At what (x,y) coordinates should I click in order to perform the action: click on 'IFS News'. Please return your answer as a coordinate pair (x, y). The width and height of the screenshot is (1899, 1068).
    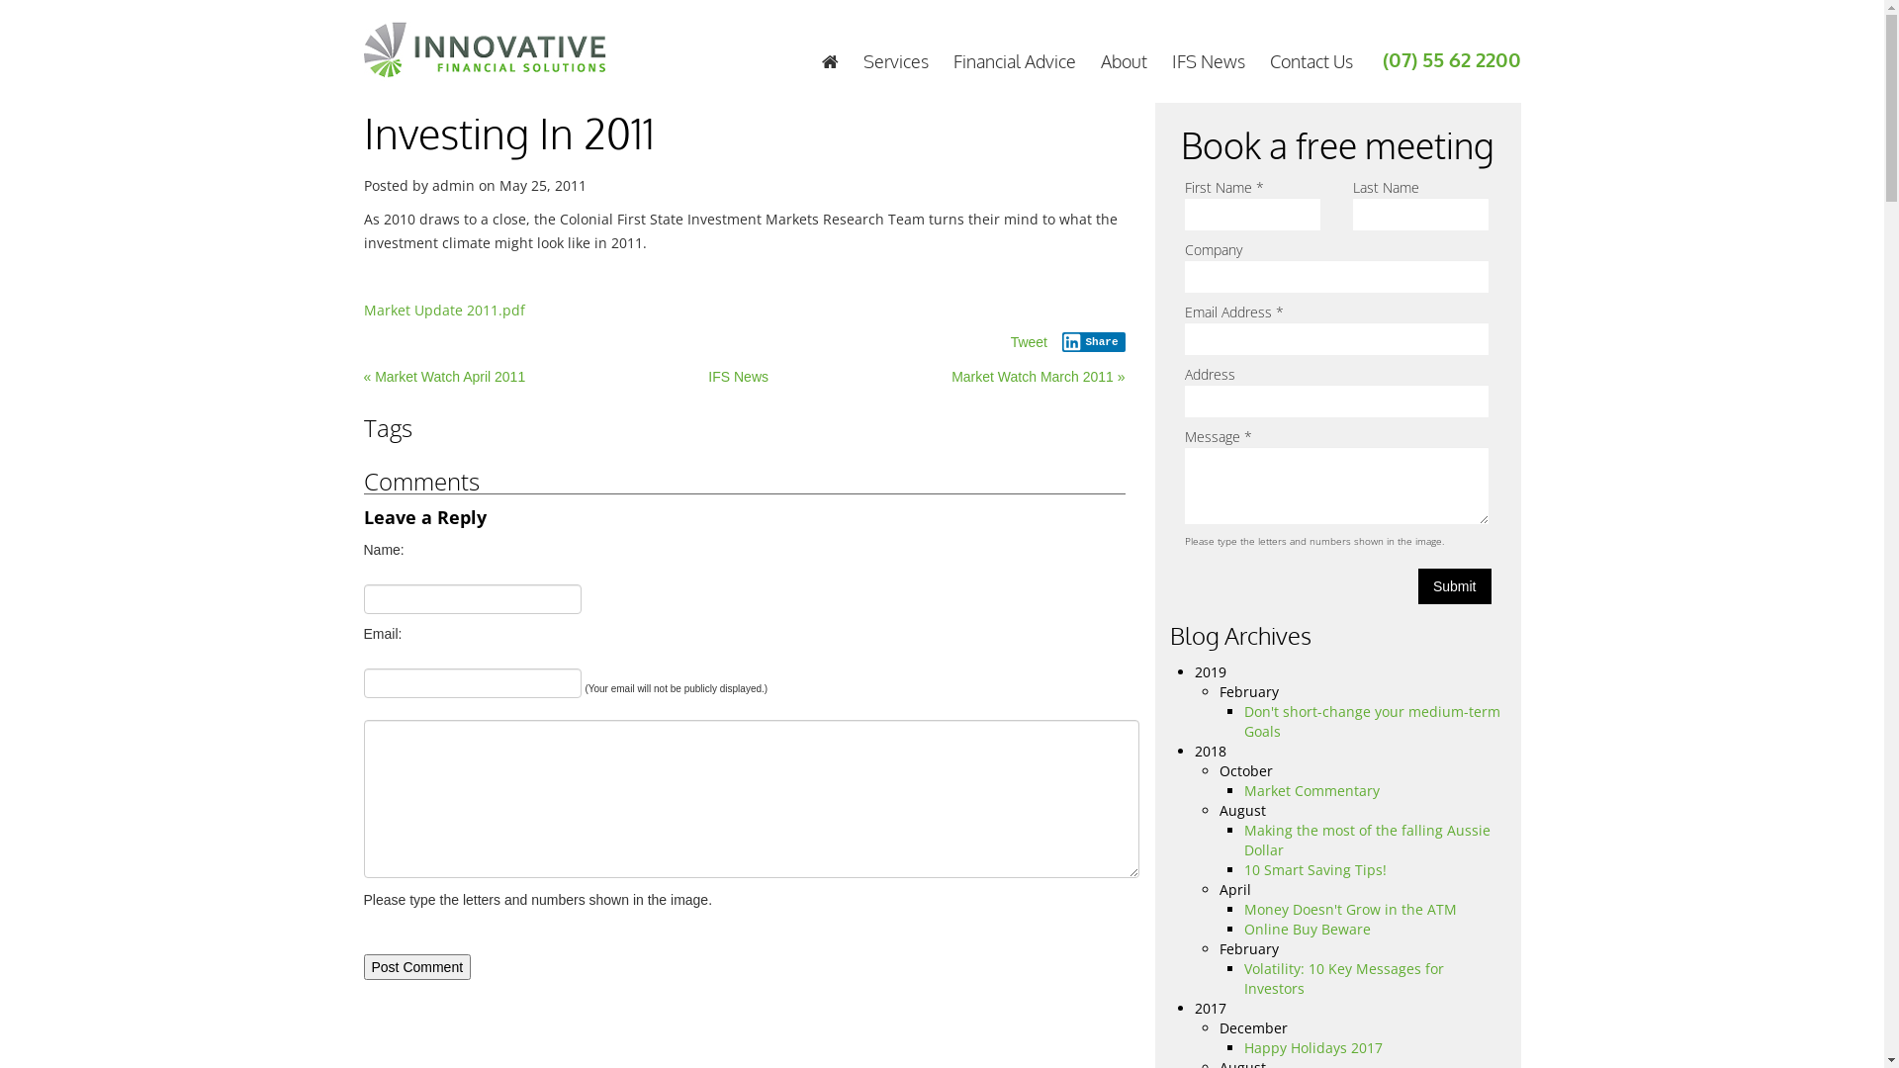
    Looking at the image, I should click on (737, 377).